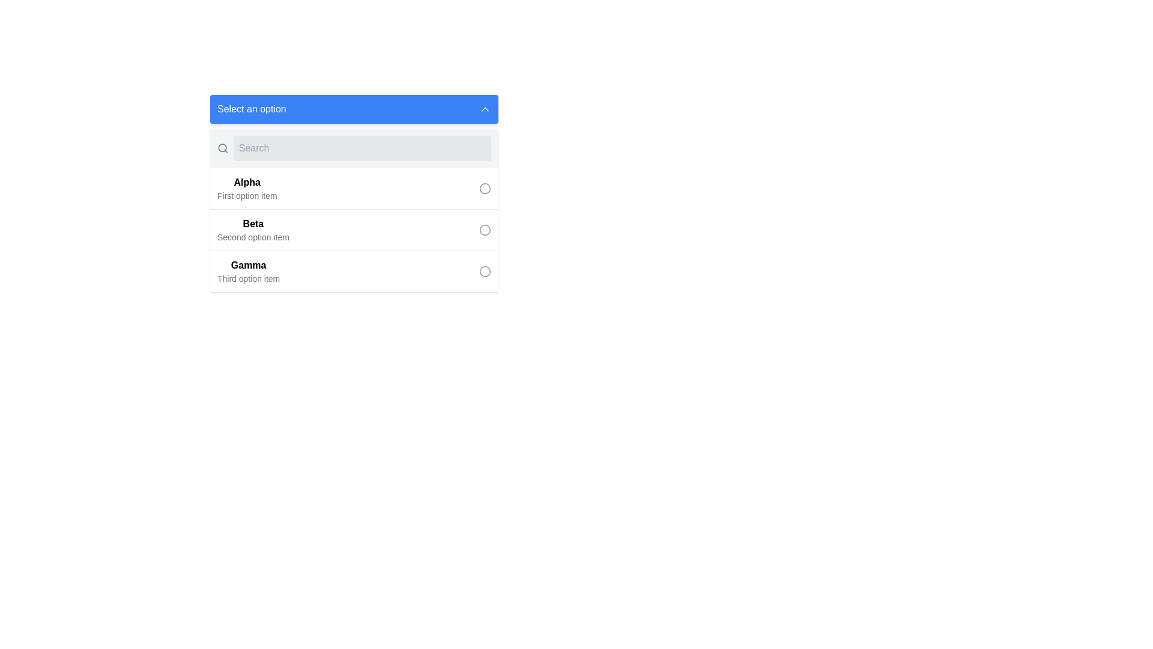  Describe the element at coordinates (354, 230) in the screenshot. I see `the second item in the selectable list, which is located below the 'Alpha' option and above the 'Gamma' option, for emphasis` at that location.